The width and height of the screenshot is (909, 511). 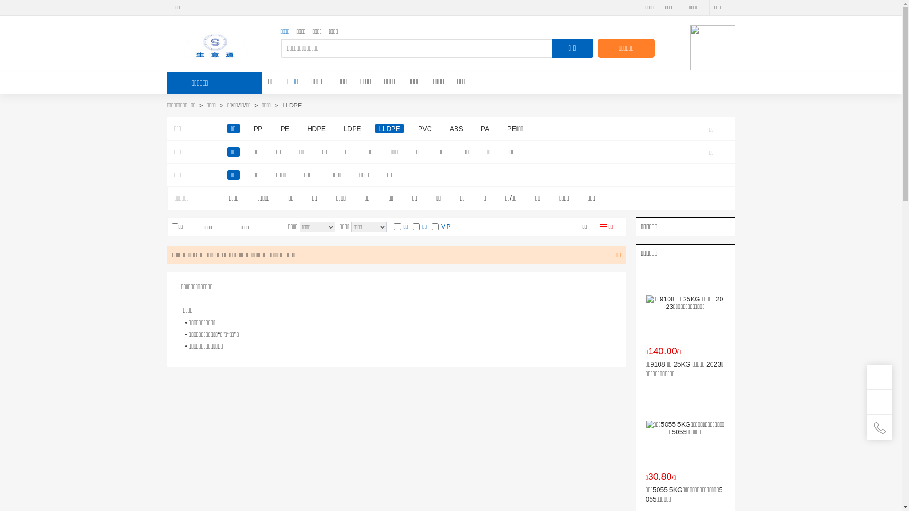 I want to click on 'on', so click(x=416, y=227).